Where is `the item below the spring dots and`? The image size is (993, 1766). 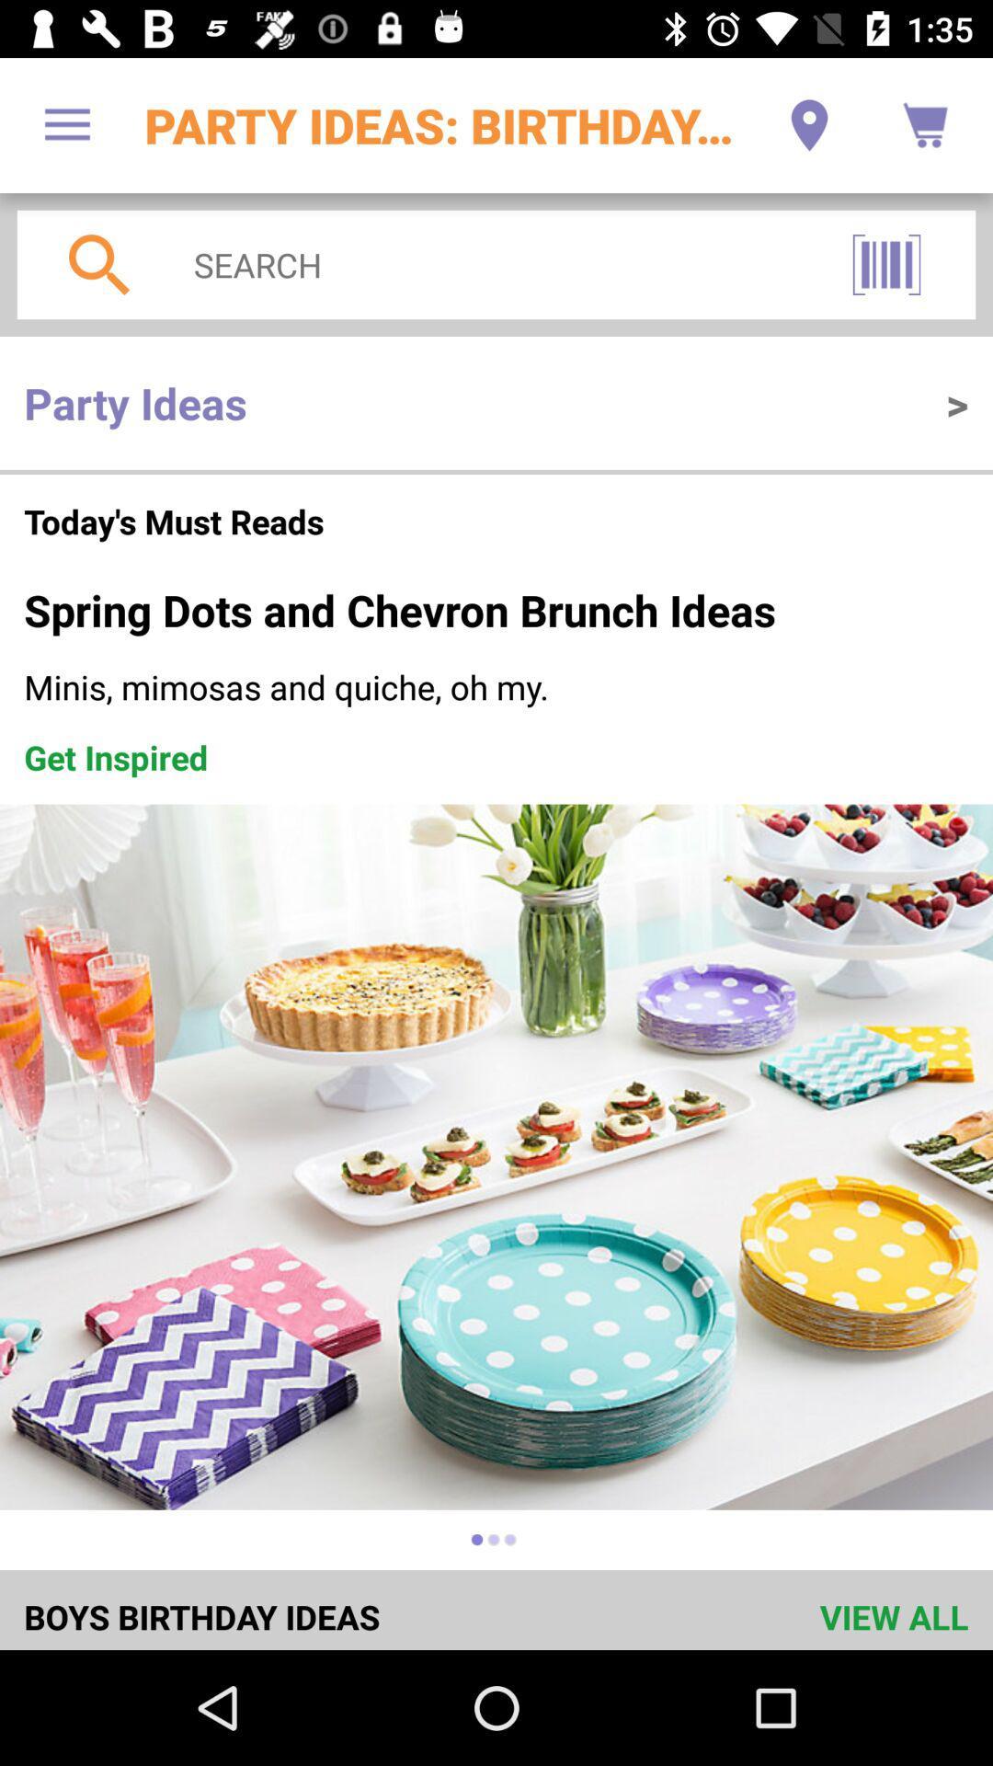
the item below the spring dots and is located at coordinates (496, 686).